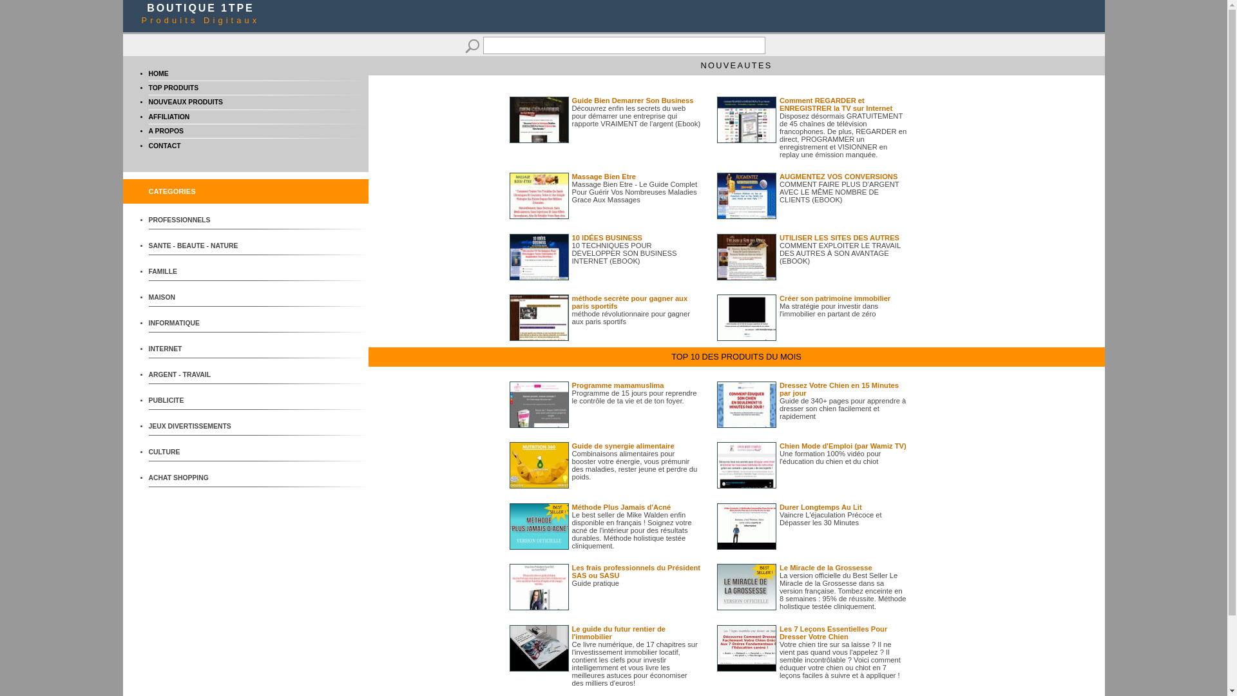 This screenshot has height=696, width=1237. I want to click on 'Guide pratique', so click(595, 583).